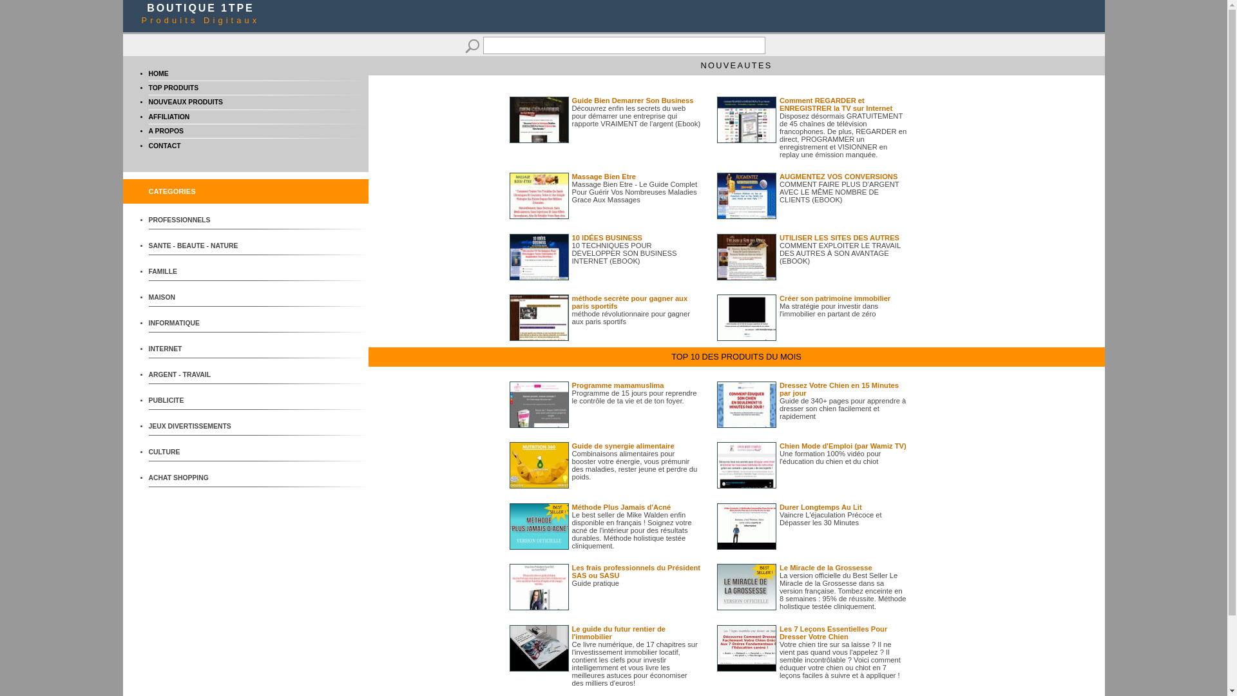 This screenshot has height=696, width=1237. I want to click on 'Guide pratique', so click(595, 583).